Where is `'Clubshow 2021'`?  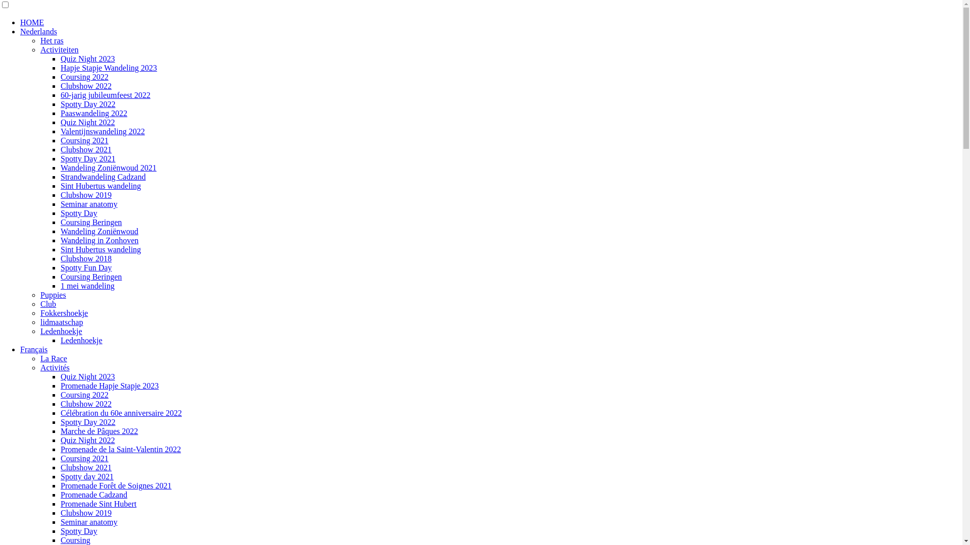 'Clubshow 2021' is located at coordinates (86, 467).